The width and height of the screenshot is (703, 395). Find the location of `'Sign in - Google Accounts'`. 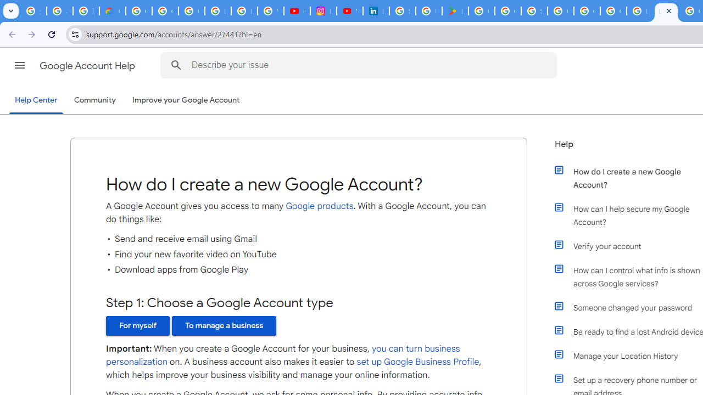

'Sign in - Google Accounts' is located at coordinates (401, 11).